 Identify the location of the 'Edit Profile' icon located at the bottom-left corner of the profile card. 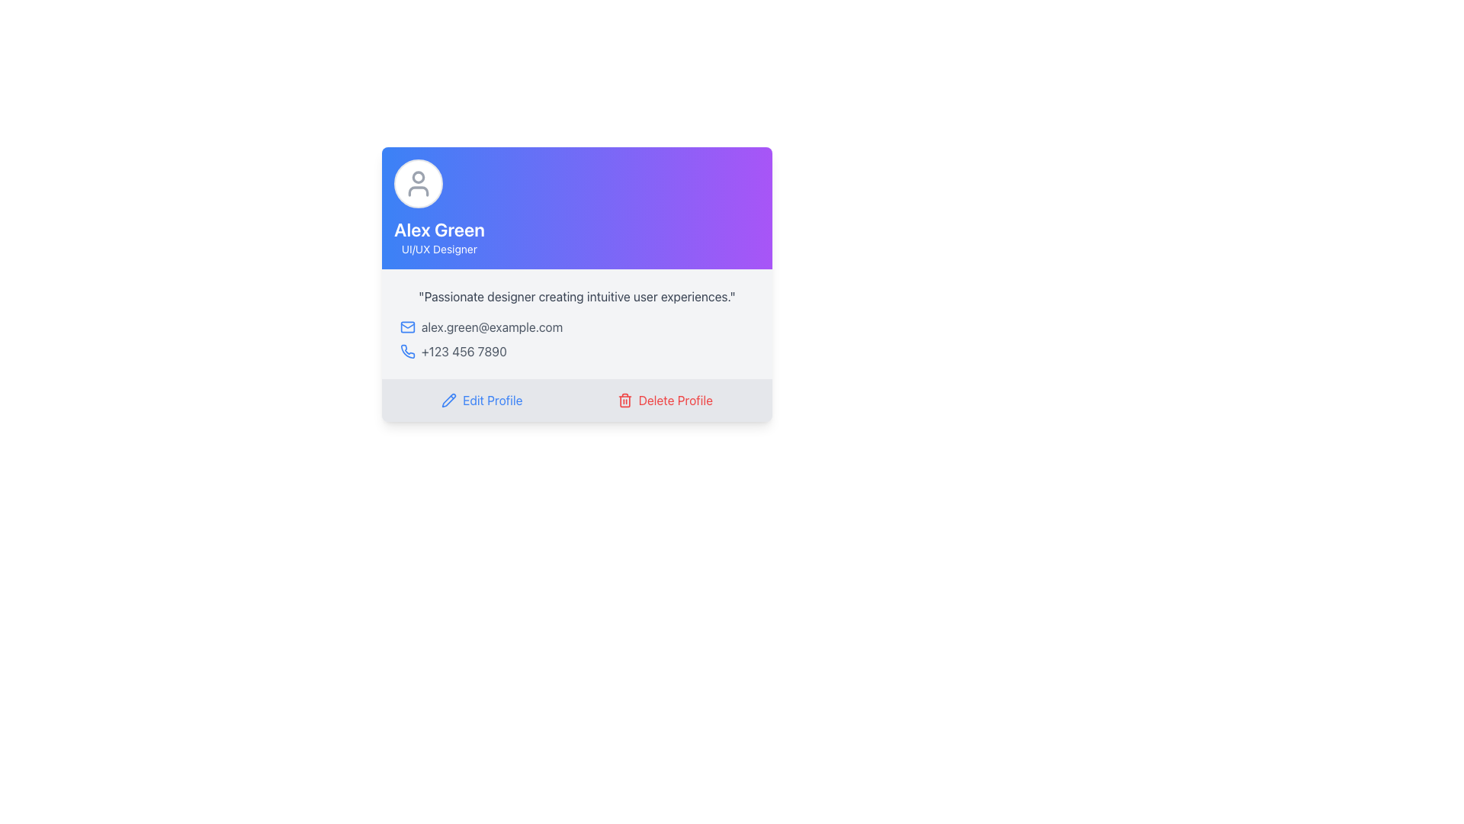
(448, 399).